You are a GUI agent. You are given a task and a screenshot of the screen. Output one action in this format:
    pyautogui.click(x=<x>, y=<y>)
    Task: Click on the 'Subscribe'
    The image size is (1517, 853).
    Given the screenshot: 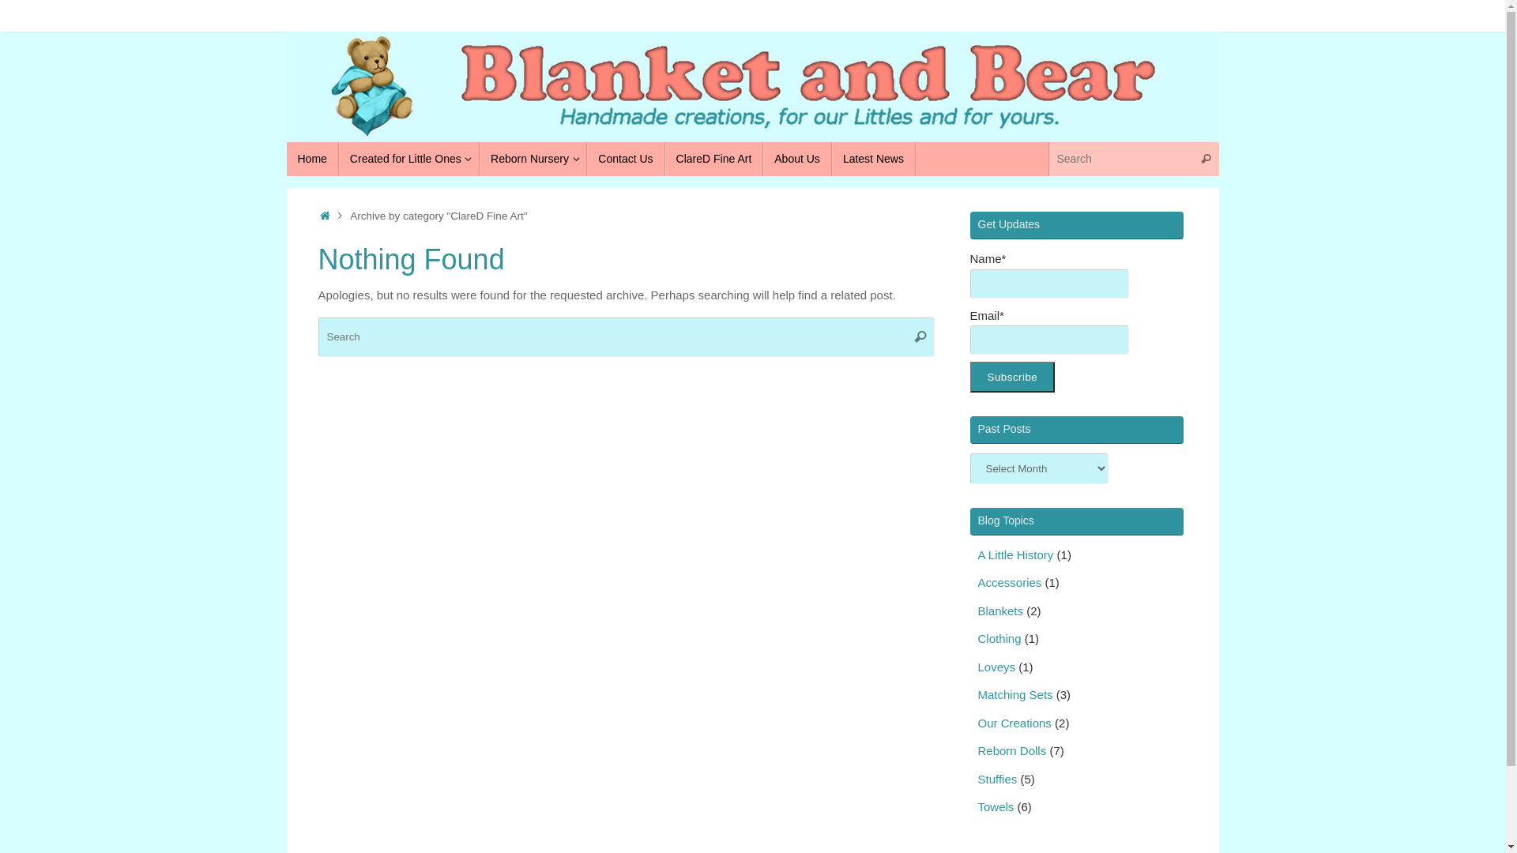 What is the action you would take?
    pyautogui.click(x=1012, y=377)
    